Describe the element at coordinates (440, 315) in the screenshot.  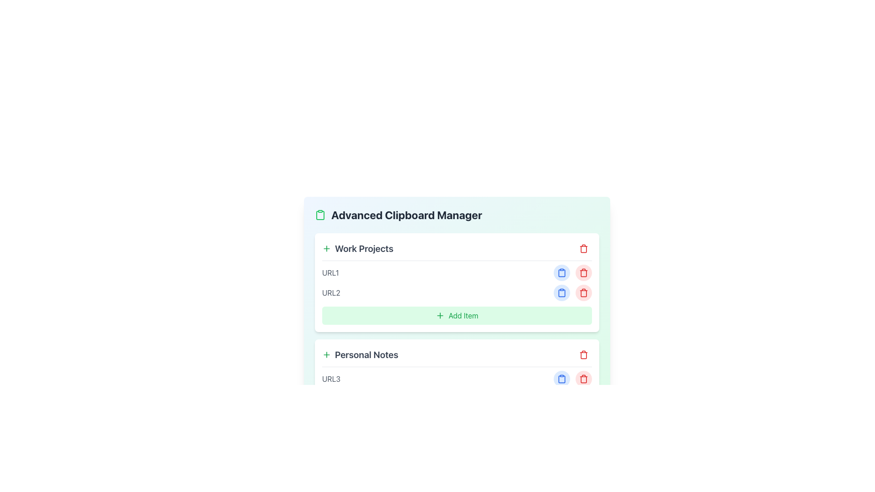
I see `the SVG Icon that visually enhances the 'Add Item' button located in the green background area under the 'Work Projects' section` at that location.